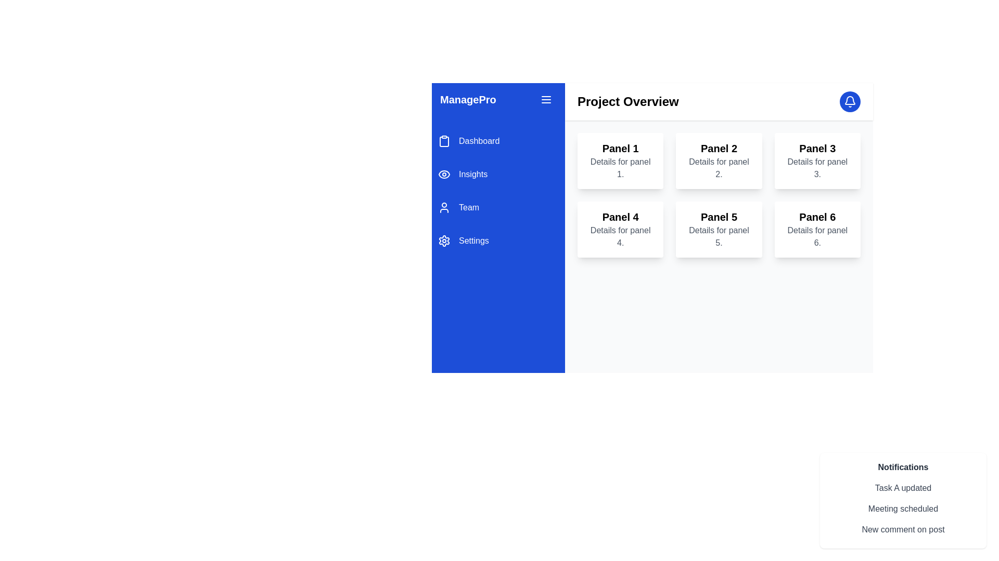 The height and width of the screenshot is (561, 999). I want to click on the graphical component within the notification bell icon located at the top-right area of the layout, specifically centered within the bell's structure, so click(850, 100).